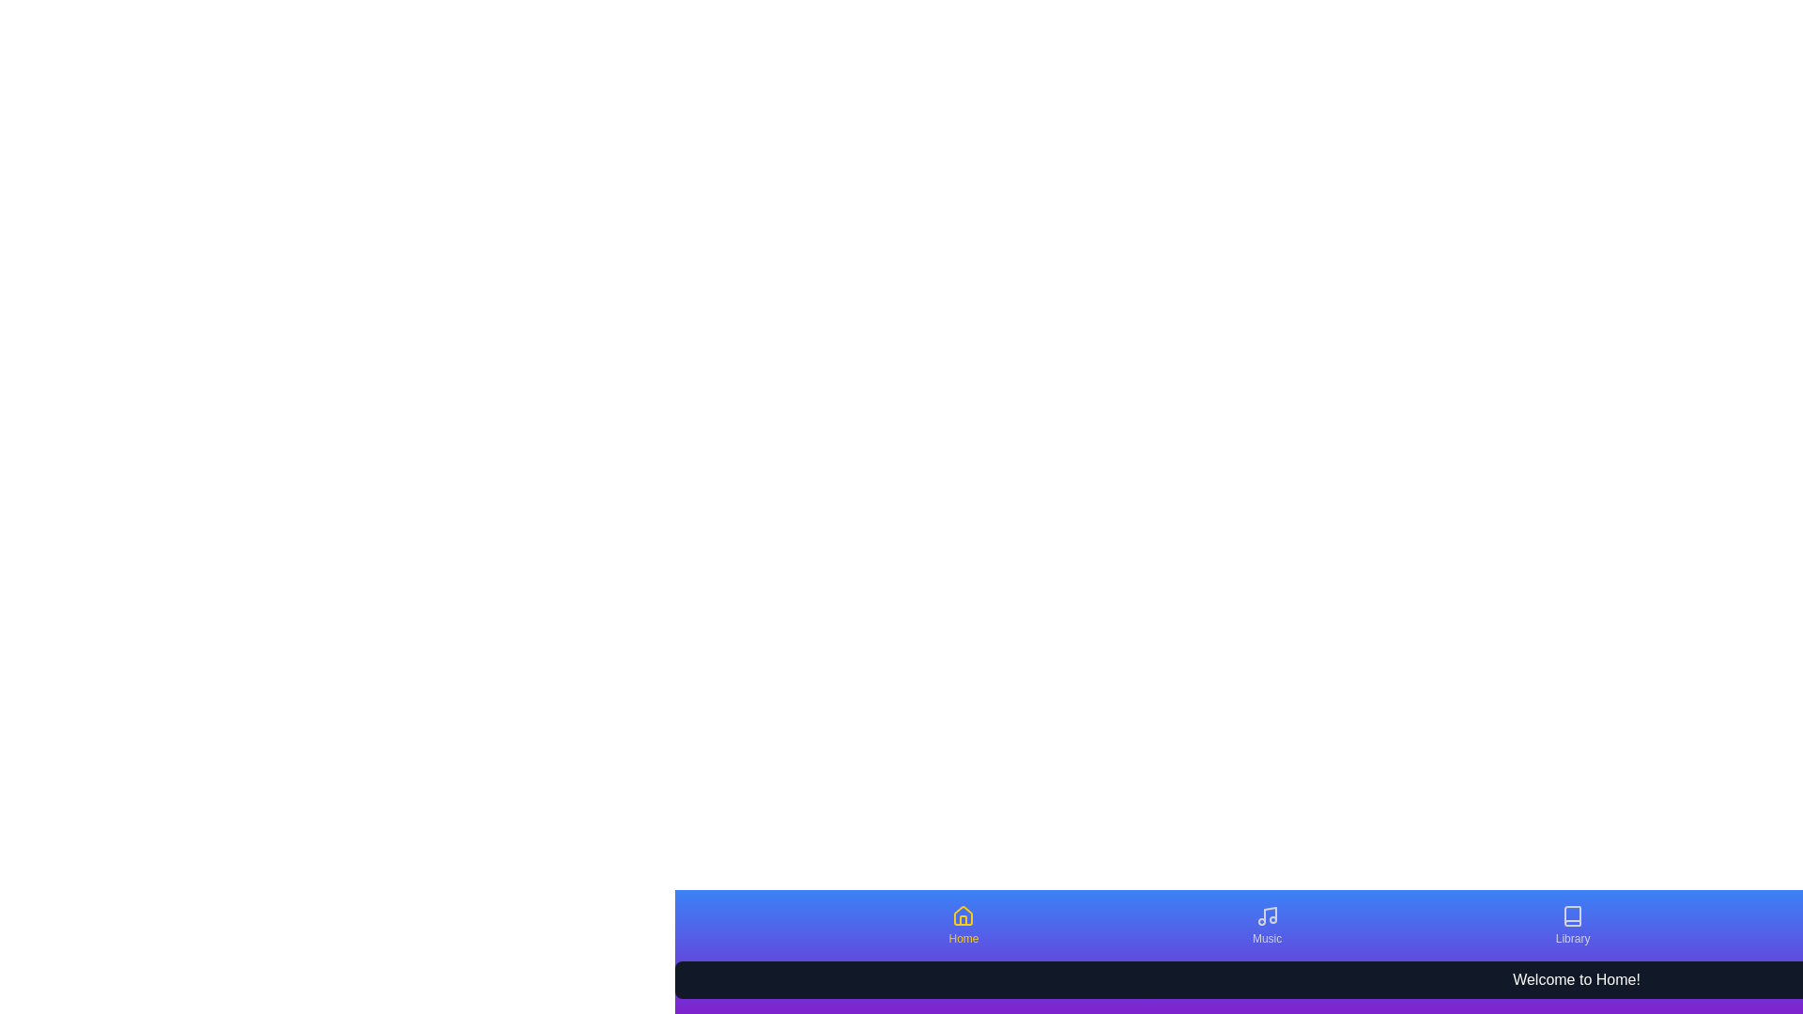 This screenshot has width=1803, height=1014. What do you see at coordinates (1266, 925) in the screenshot?
I see `the tab labeled Music to observe the scaling effect` at bounding box center [1266, 925].